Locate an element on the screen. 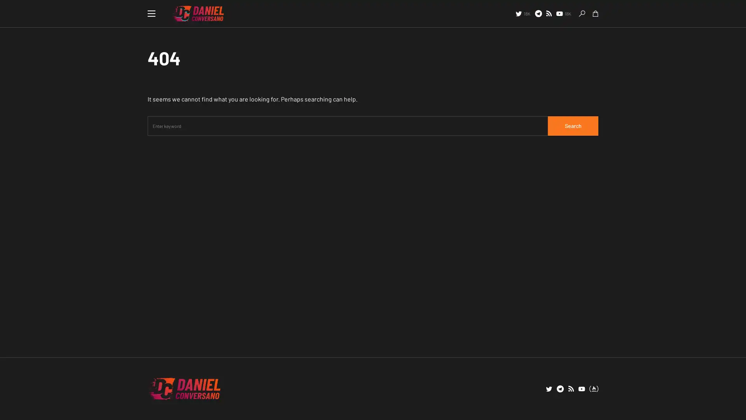 The width and height of the screenshot is (746, 420). Search is located at coordinates (573, 126).